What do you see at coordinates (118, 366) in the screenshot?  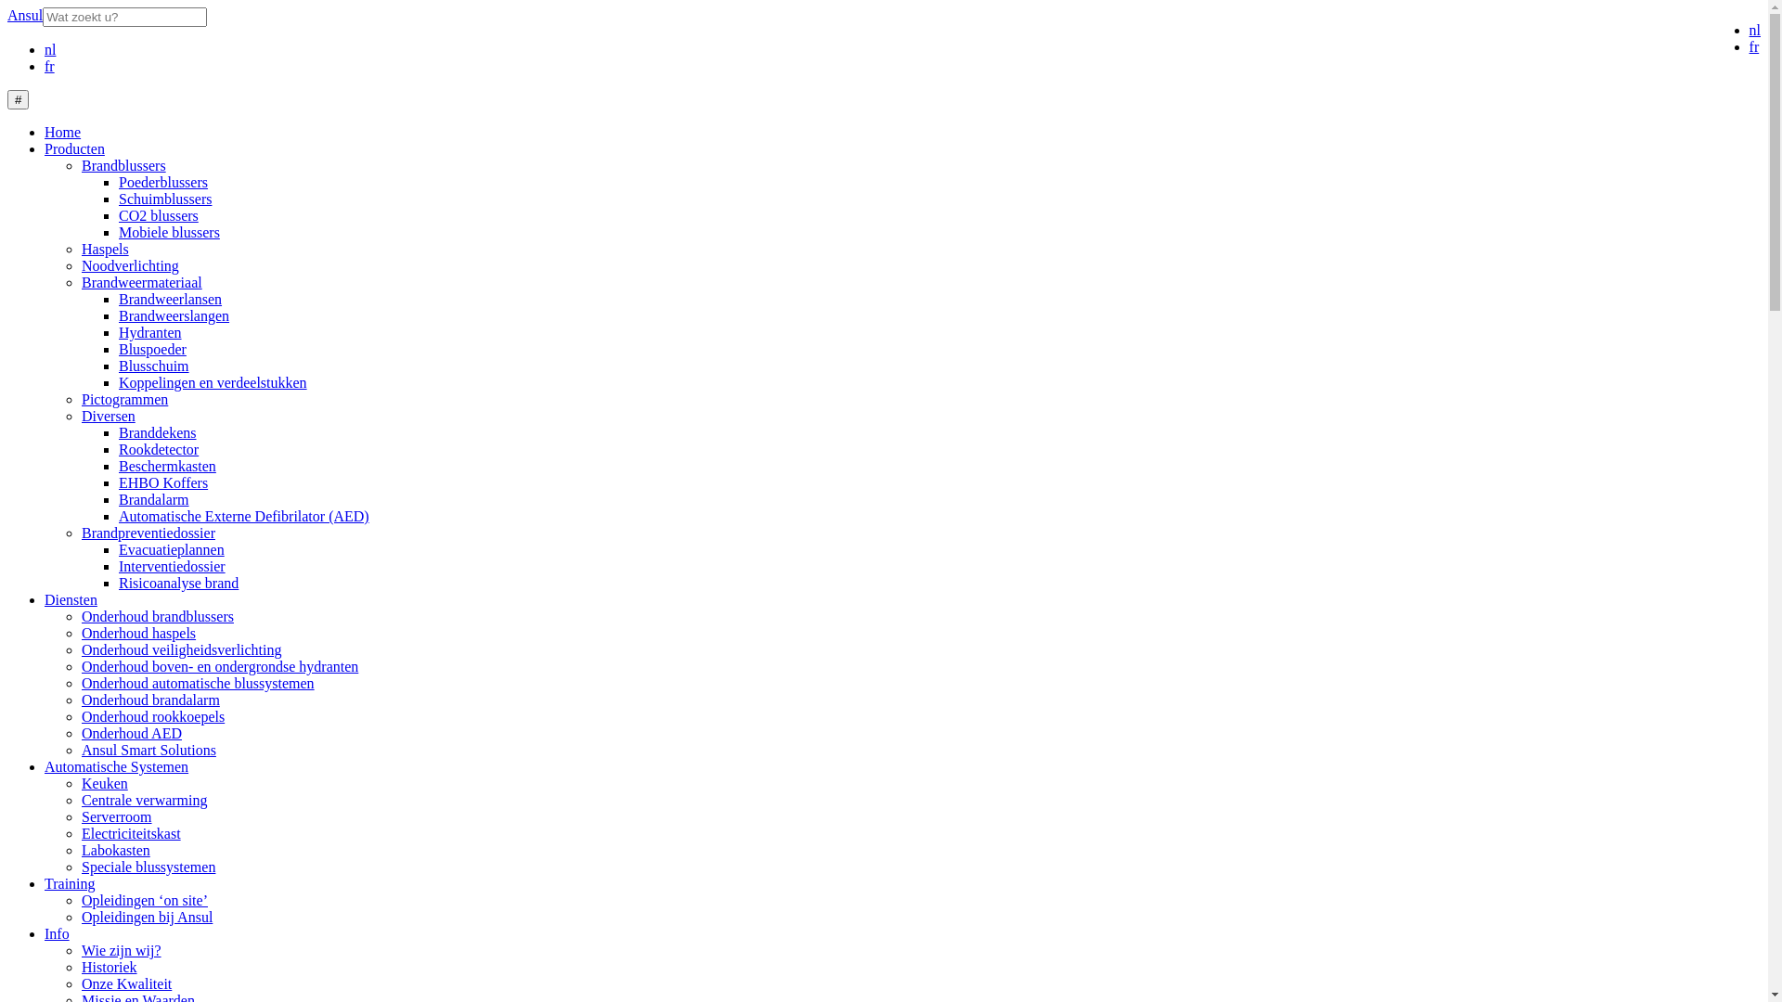 I see `'Blusschuim'` at bounding box center [118, 366].